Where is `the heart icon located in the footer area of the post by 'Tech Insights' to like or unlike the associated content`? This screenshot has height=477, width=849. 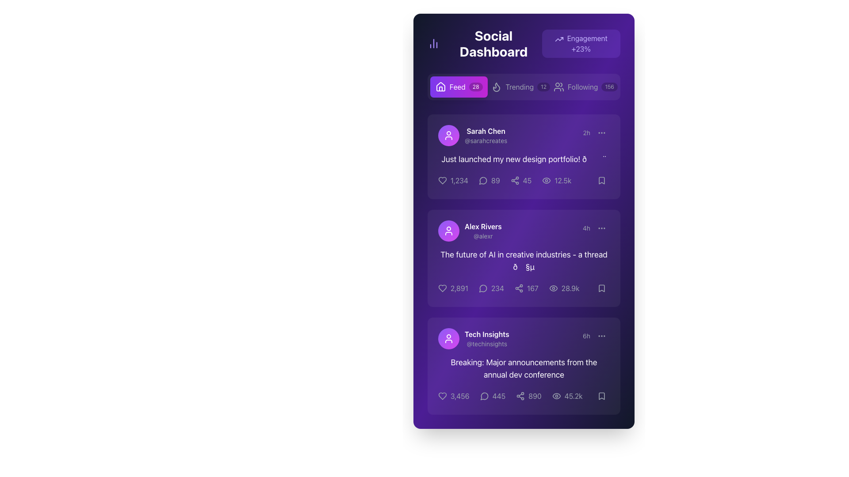
the heart icon located in the footer area of the post by 'Tech Insights' to like or unlike the associated content is located at coordinates (443, 396).